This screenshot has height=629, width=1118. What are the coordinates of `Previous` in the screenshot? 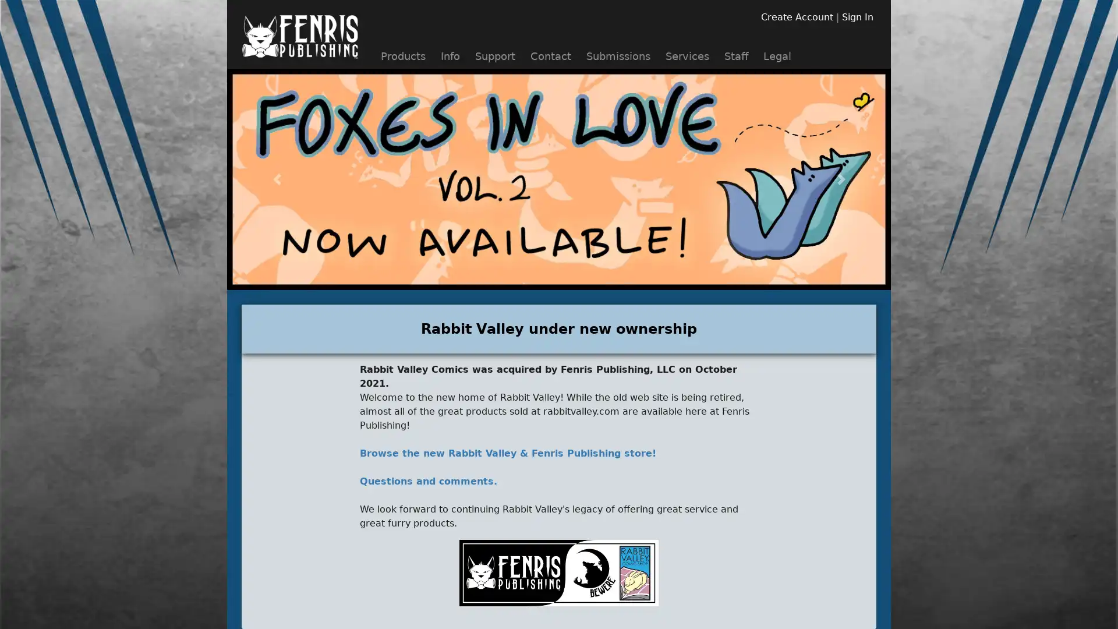 It's located at (276, 179).